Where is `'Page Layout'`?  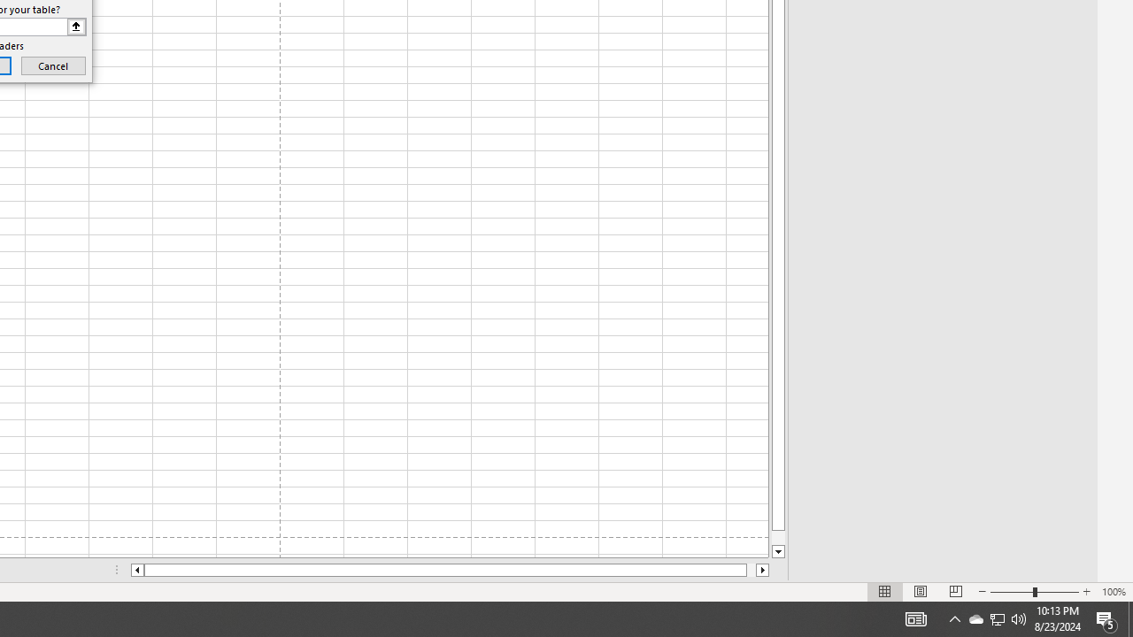
'Page Layout' is located at coordinates (921, 592).